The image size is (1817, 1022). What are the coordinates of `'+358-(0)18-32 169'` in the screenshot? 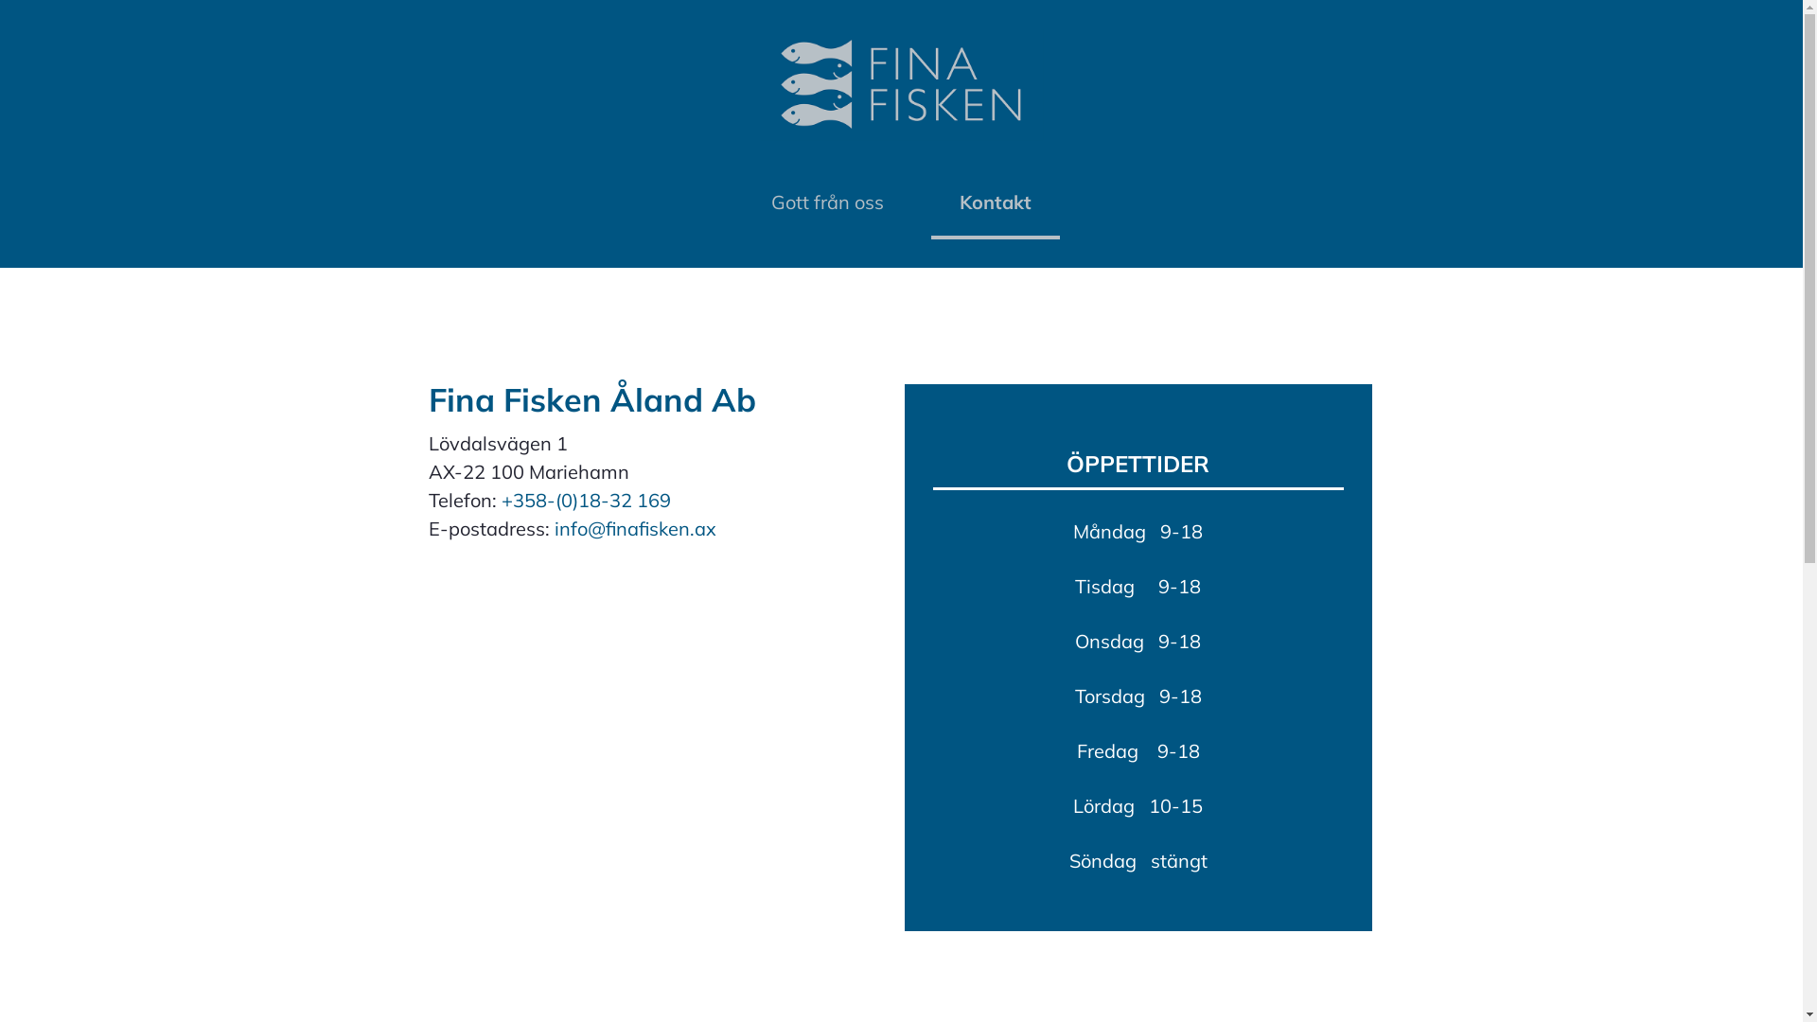 It's located at (585, 499).